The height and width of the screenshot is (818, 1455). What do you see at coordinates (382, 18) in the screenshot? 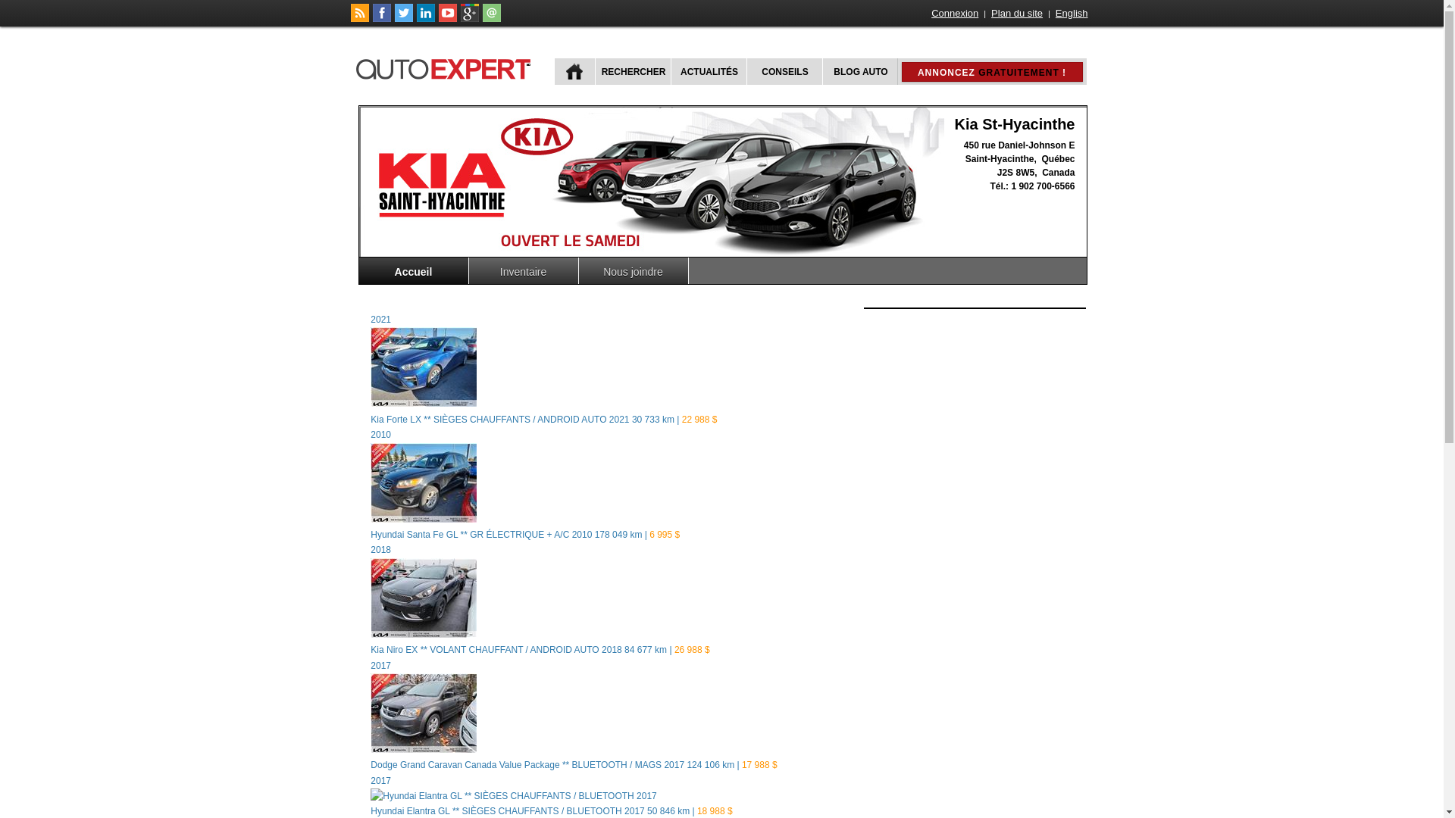
I see `'Suivez autoExpert.ca sur Facebook'` at bounding box center [382, 18].